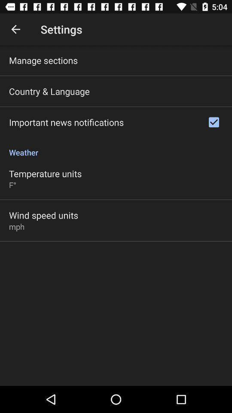 The height and width of the screenshot is (413, 232). I want to click on the manage sections icon, so click(43, 60).